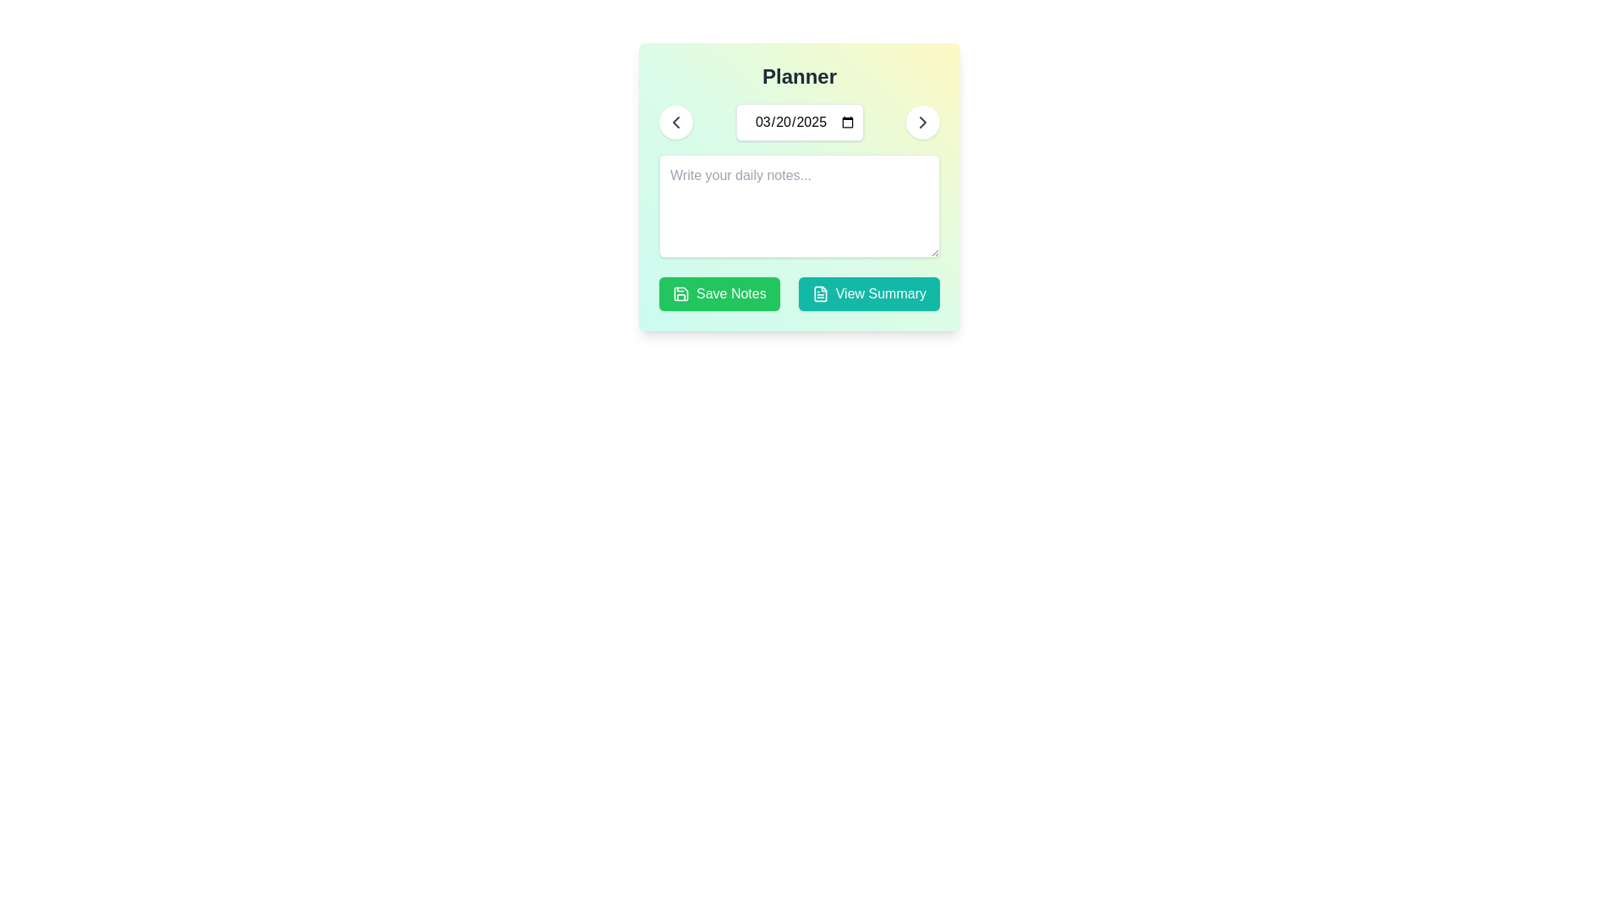  What do you see at coordinates (820, 292) in the screenshot?
I see `the small document icon with textual lines, located inside the green 'View Summary' button, to interact with the button` at bounding box center [820, 292].